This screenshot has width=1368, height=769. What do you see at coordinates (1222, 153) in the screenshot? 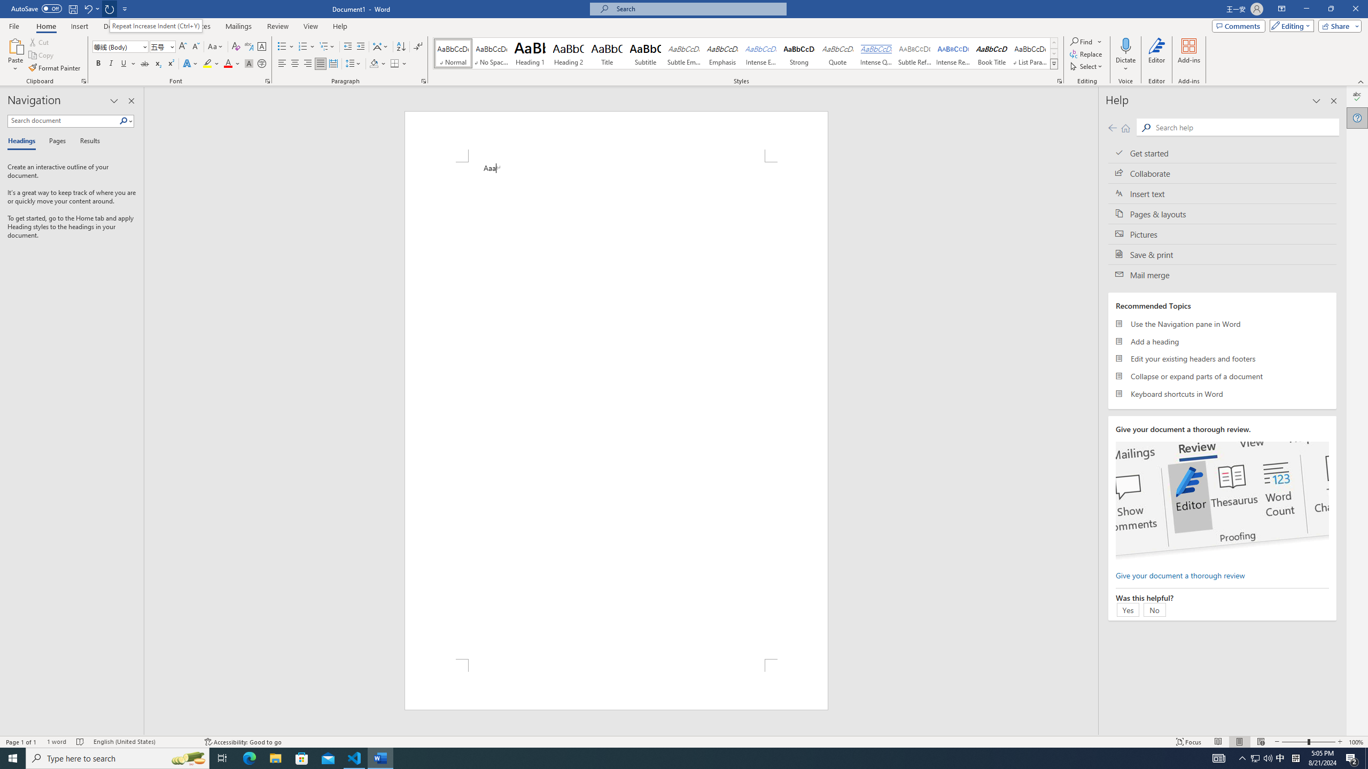
I see `'Get started'` at bounding box center [1222, 153].